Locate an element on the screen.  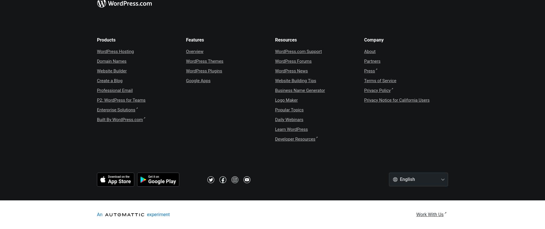
'P2: WordPress for Teams' is located at coordinates (121, 100).